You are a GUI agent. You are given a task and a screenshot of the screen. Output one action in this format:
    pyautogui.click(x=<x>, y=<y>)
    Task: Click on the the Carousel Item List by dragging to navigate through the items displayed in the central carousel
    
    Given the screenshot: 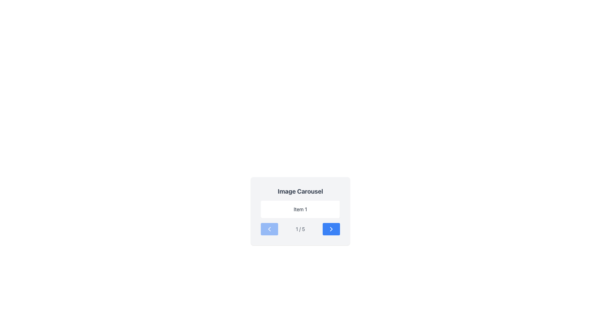 What is the action you would take?
    pyautogui.click(x=300, y=209)
    